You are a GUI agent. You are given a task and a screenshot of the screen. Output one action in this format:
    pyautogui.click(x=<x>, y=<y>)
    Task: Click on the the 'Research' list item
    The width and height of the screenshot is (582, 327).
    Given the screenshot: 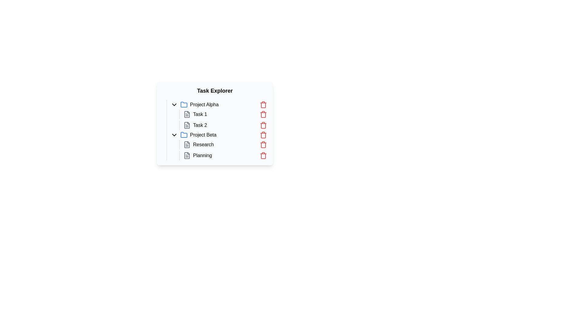 What is the action you would take?
    pyautogui.click(x=217, y=145)
    